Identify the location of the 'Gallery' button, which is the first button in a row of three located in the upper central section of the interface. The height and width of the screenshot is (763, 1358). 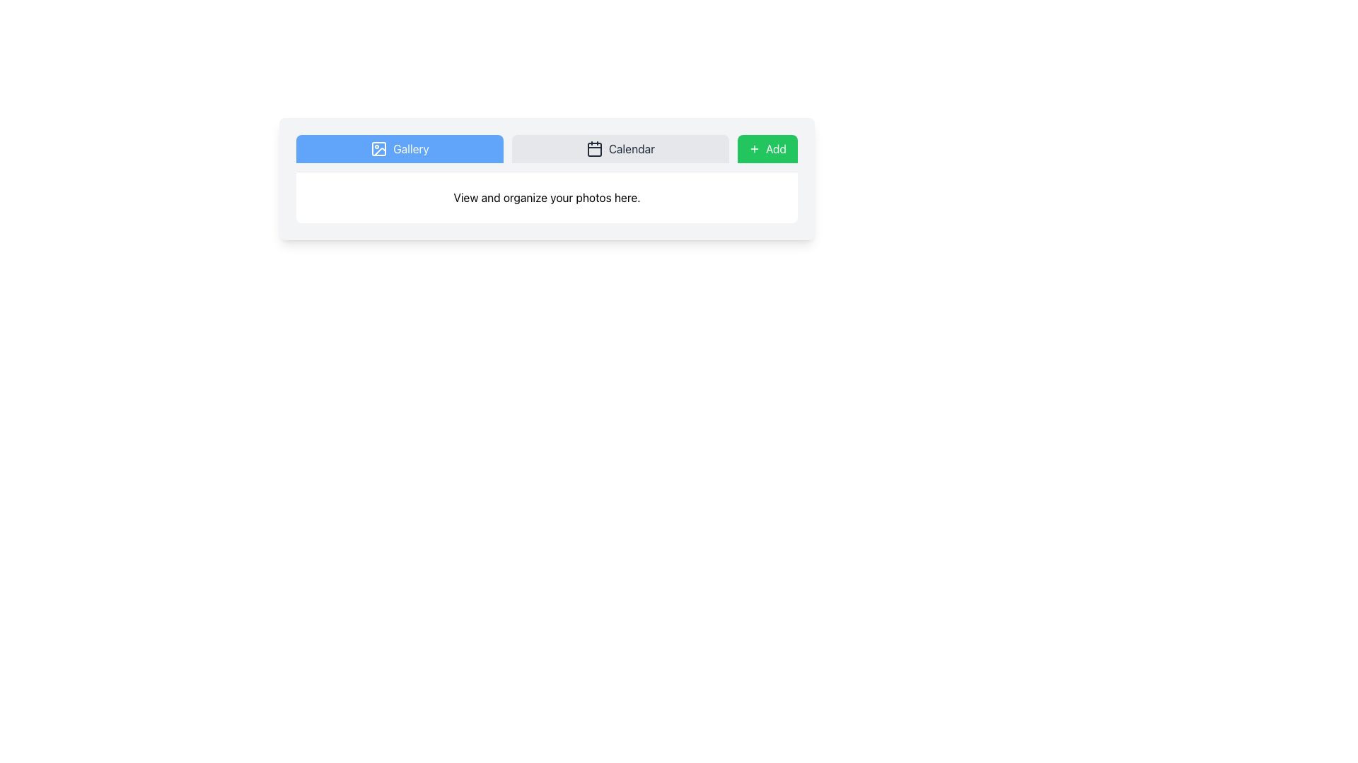
(399, 149).